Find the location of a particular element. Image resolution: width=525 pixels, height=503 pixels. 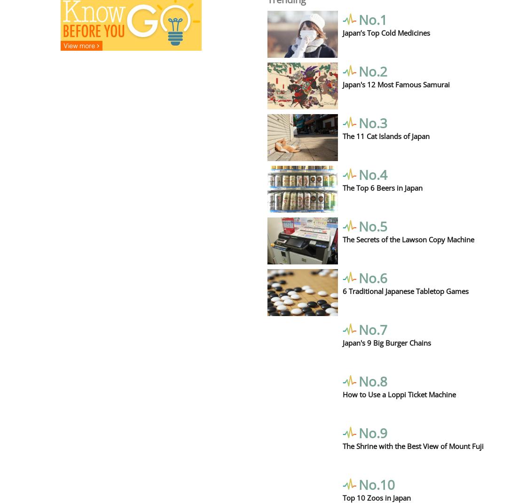

'How to Use a Loppi Ticket Machine' is located at coordinates (399, 394).